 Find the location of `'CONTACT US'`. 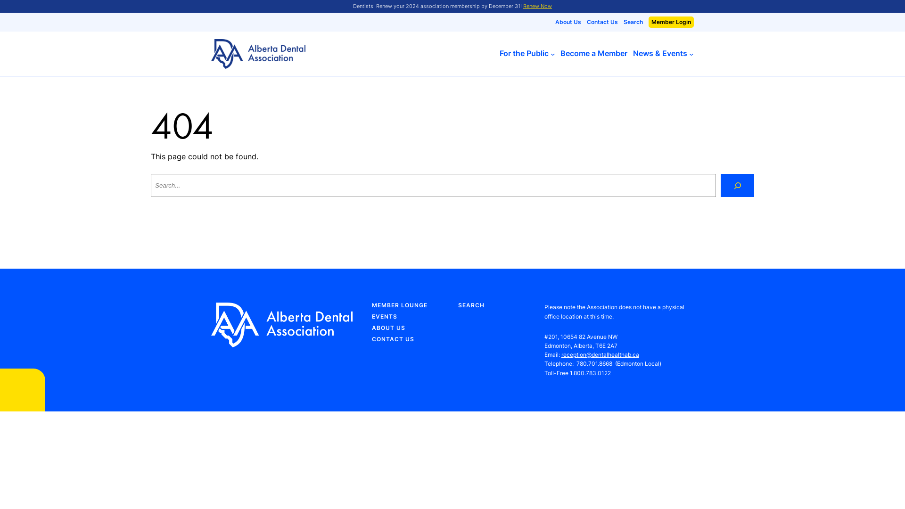

'CONTACT US' is located at coordinates (393, 339).